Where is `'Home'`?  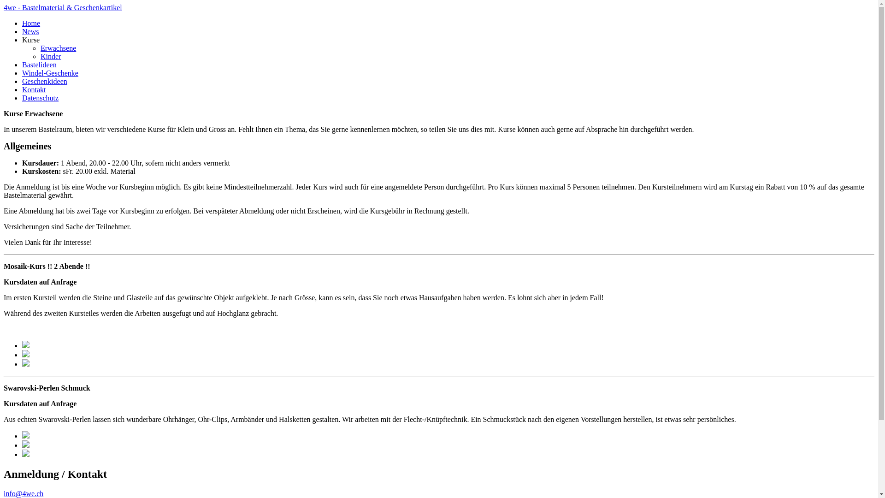 'Home' is located at coordinates (31, 23).